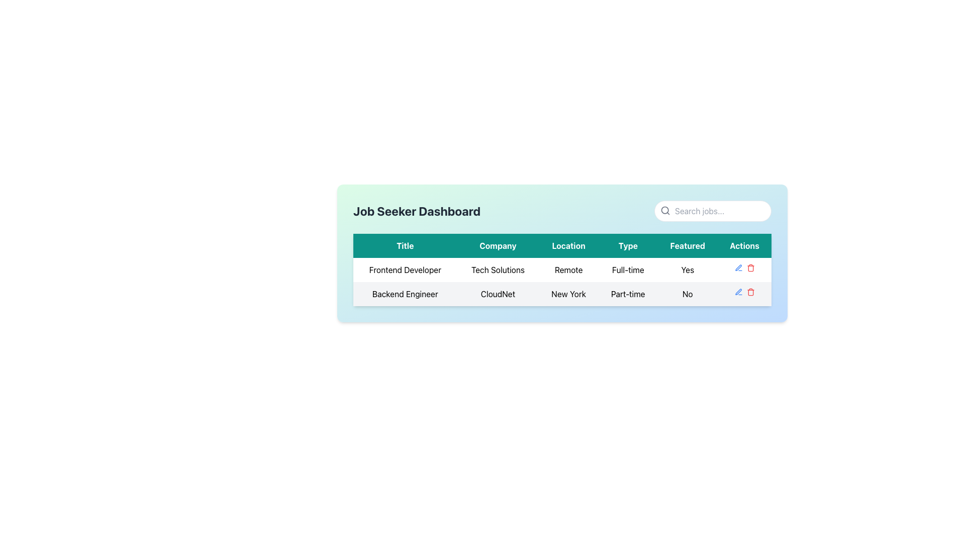  Describe the element at coordinates (750, 292) in the screenshot. I see `the delete icon button located in the second row of the table under the 'Actions' column` at that location.